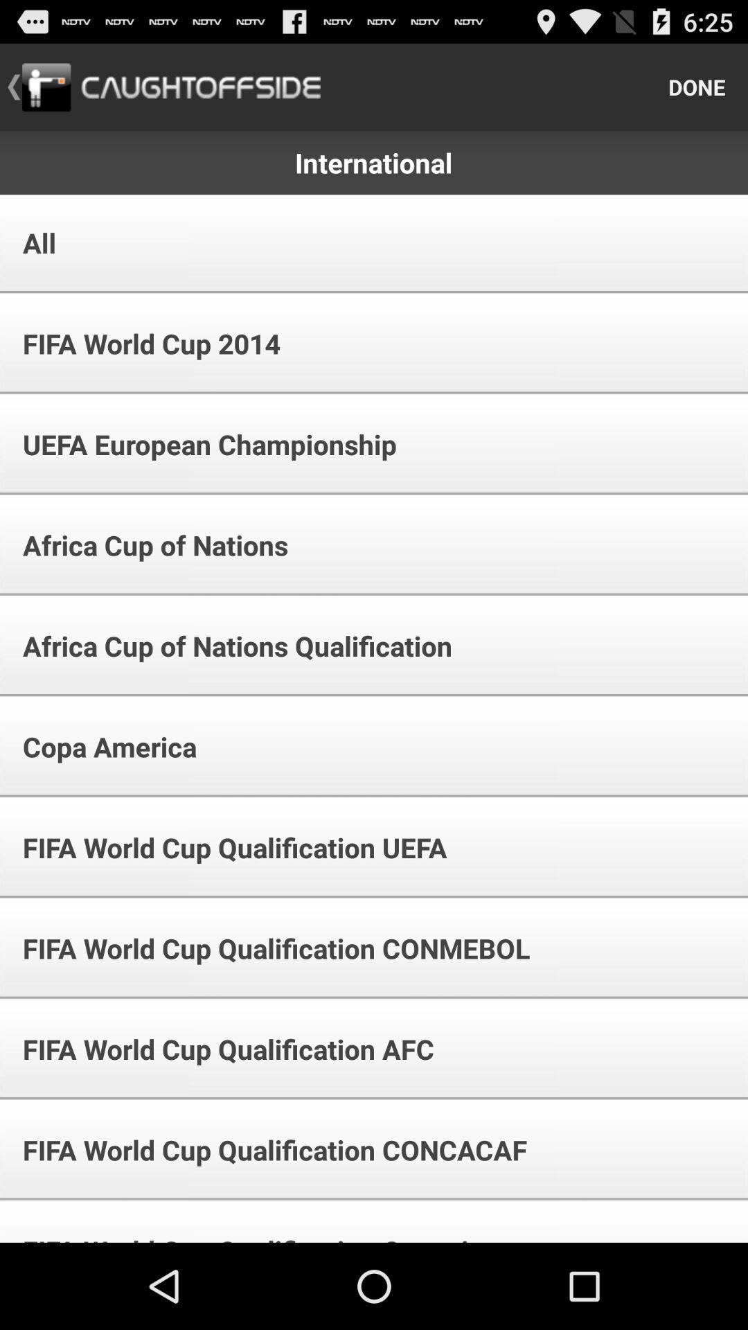 This screenshot has width=748, height=1330. What do you see at coordinates (100, 746) in the screenshot?
I see `the icon below africa cup of item` at bounding box center [100, 746].